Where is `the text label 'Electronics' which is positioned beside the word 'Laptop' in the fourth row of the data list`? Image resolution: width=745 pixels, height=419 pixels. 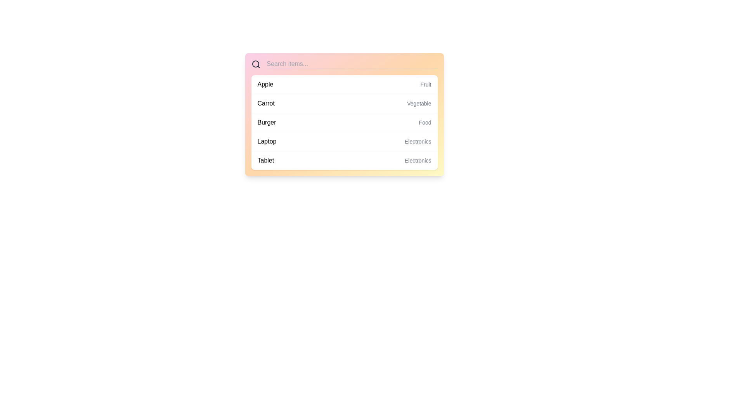 the text label 'Electronics' which is positioned beside the word 'Laptop' in the fourth row of the data list is located at coordinates (418, 142).